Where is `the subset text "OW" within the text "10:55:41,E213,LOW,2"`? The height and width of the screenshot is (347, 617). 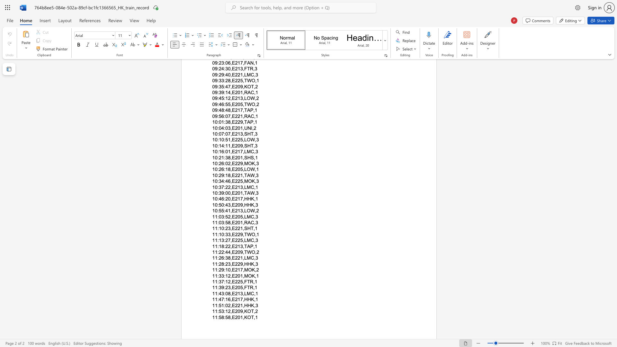
the subset text "OW" within the text "10:55:41,E213,LOW,2" is located at coordinates (246, 211).